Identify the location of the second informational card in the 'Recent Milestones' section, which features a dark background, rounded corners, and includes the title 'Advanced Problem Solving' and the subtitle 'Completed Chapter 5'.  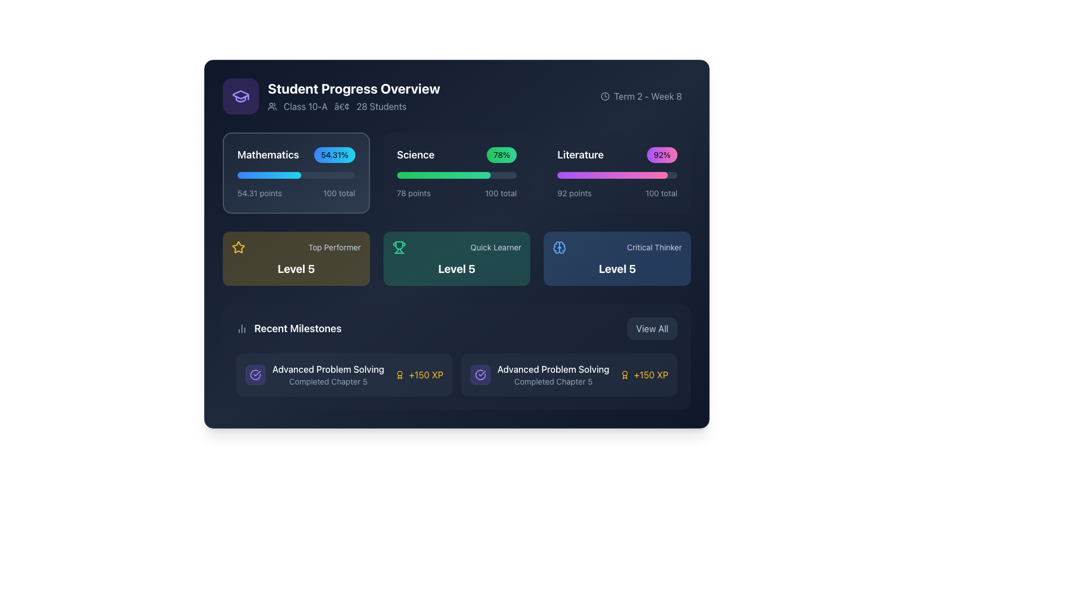
(569, 374).